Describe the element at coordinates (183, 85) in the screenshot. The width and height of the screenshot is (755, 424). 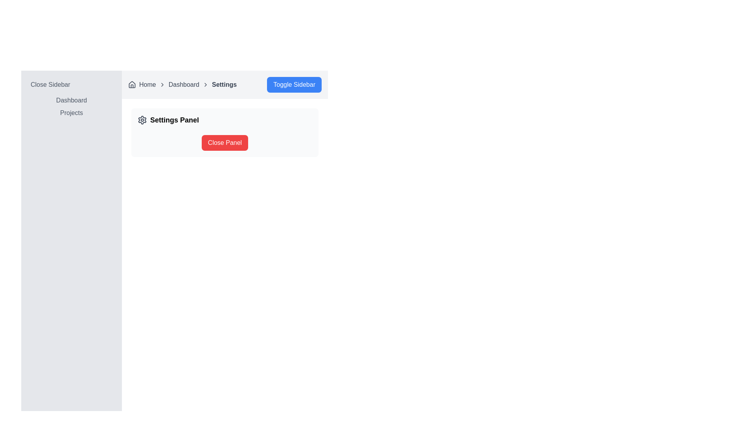
I see `the third breadcrumb hyperlink in the navigation bar` at that location.